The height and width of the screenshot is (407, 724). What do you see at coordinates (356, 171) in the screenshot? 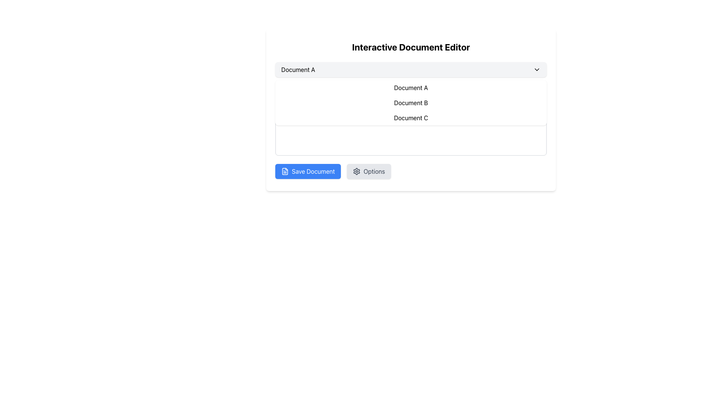
I see `the gear icon located to the left of the 'Options' button in the bottom-right section of the interface` at bounding box center [356, 171].